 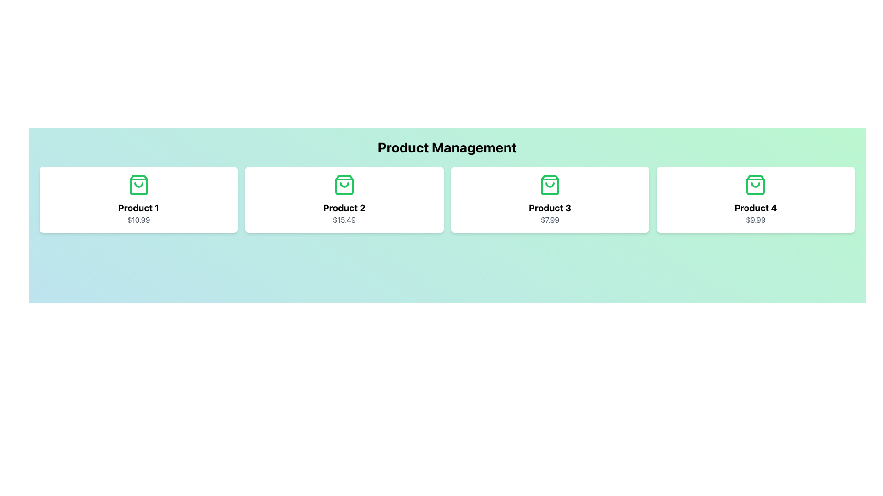 I want to click on the text label displaying 'Product 1', which is styled in bold and larger font, located within the product card above the price '$10.99' and below the shopping bag icon, so click(x=138, y=208).